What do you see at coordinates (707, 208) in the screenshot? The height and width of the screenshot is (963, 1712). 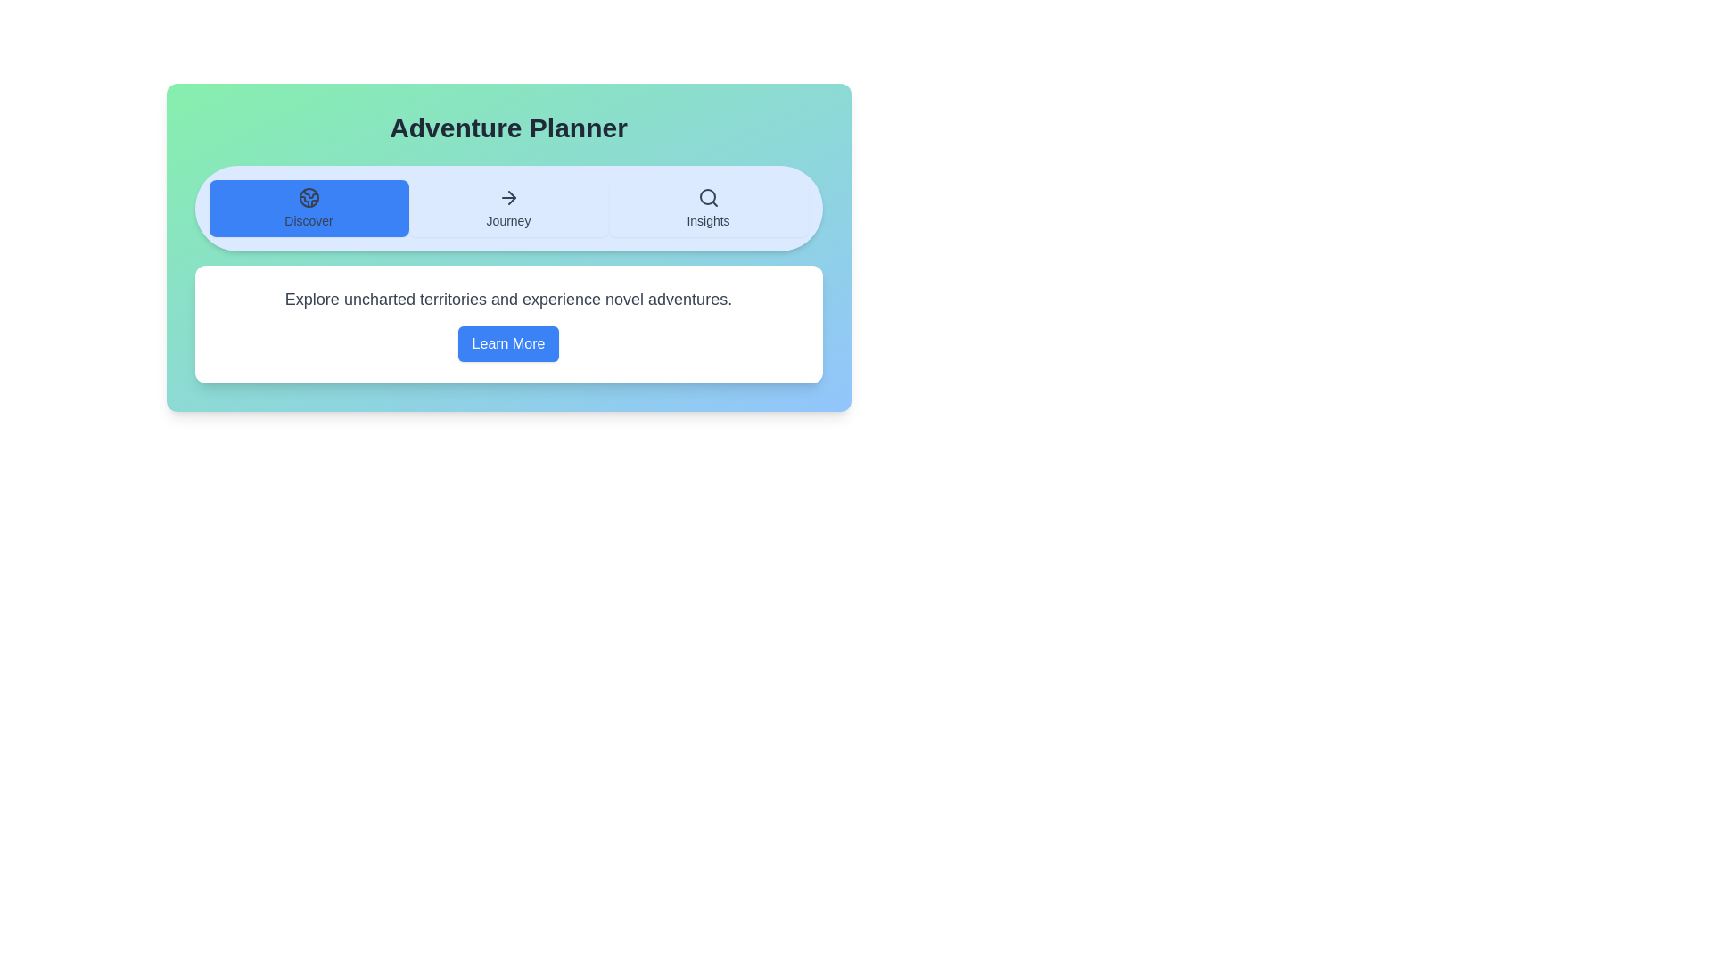 I see `the third button from the left in the tab group, which allows users` at bounding box center [707, 208].